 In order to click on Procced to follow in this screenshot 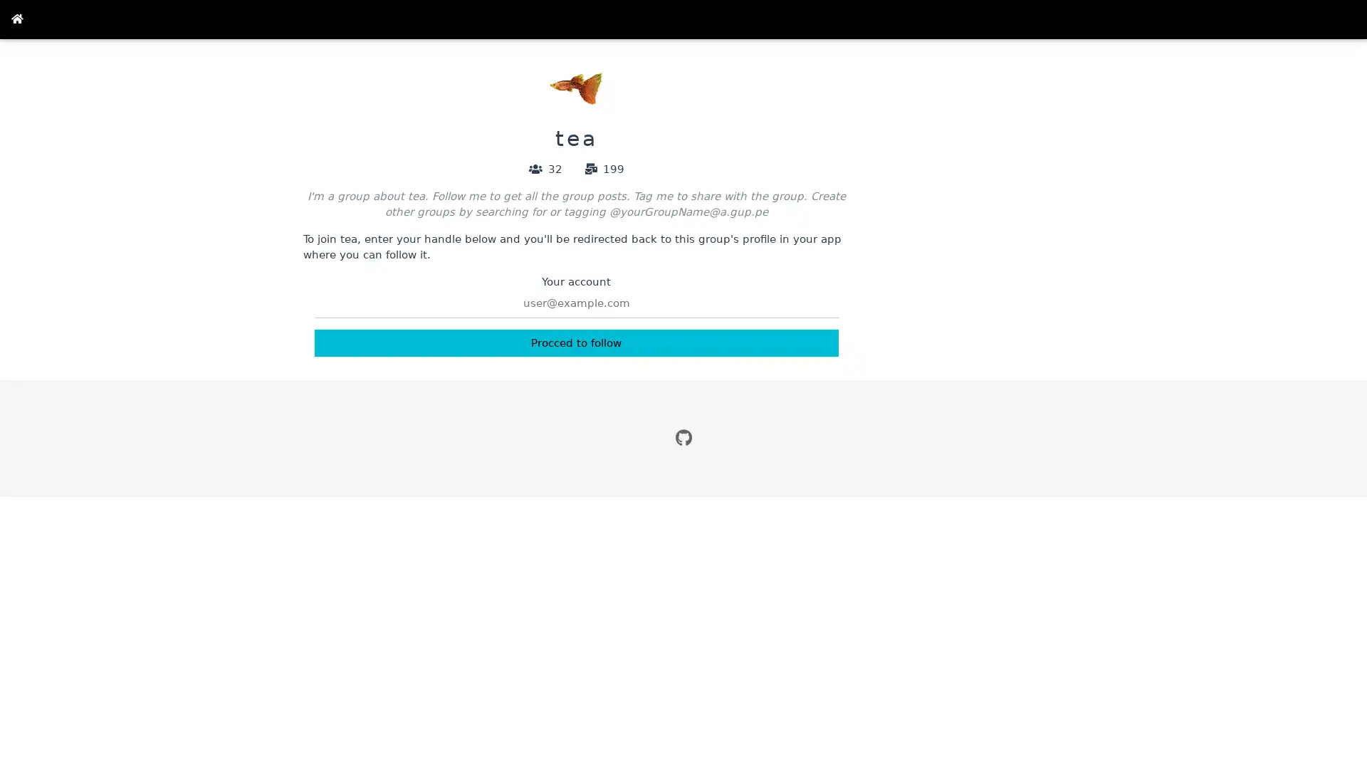, I will do `click(576, 342)`.